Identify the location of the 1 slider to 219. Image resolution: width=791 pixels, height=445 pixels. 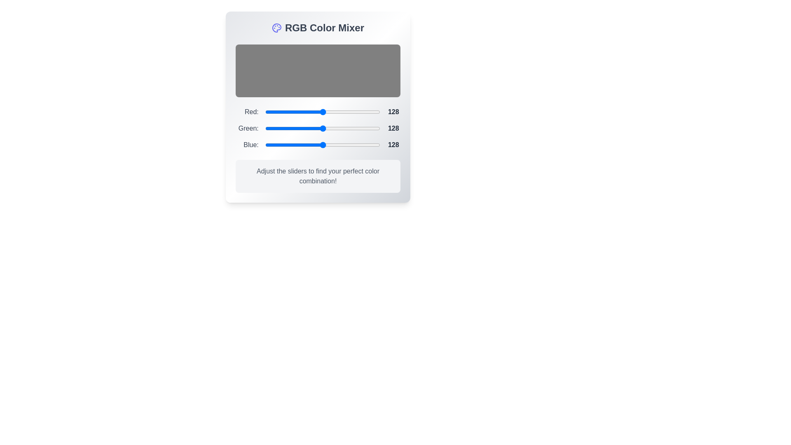
(322, 129).